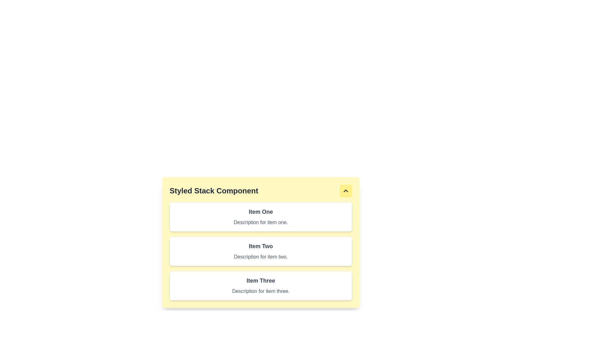 The height and width of the screenshot is (338, 602). Describe the element at coordinates (261, 286) in the screenshot. I see `the third card in a vertical stack, which contains a title and description text, located in the lower portion of the layout` at that location.